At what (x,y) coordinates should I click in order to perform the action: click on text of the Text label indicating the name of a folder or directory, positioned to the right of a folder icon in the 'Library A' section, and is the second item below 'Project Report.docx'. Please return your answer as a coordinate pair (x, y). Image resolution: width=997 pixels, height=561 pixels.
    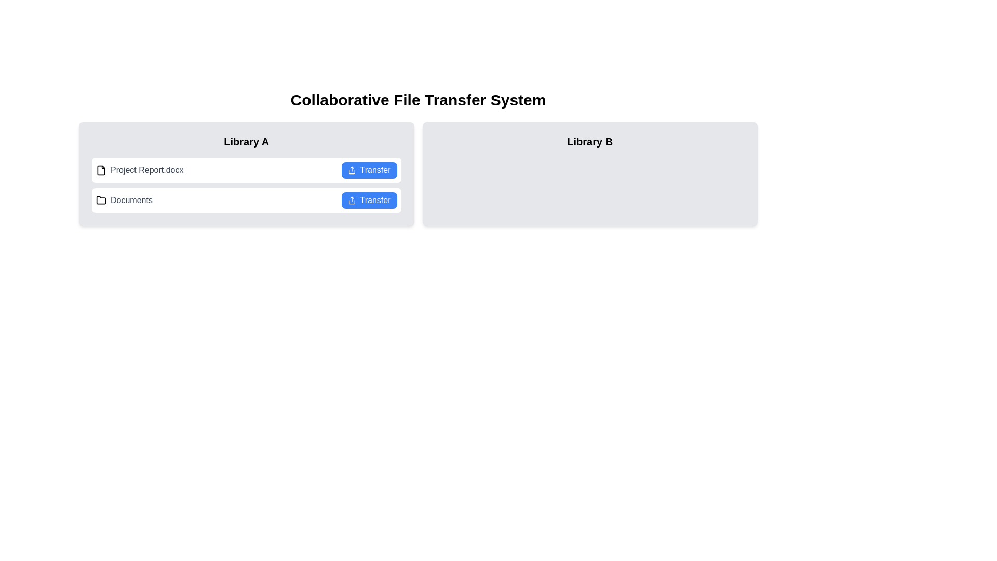
    Looking at the image, I should click on (131, 200).